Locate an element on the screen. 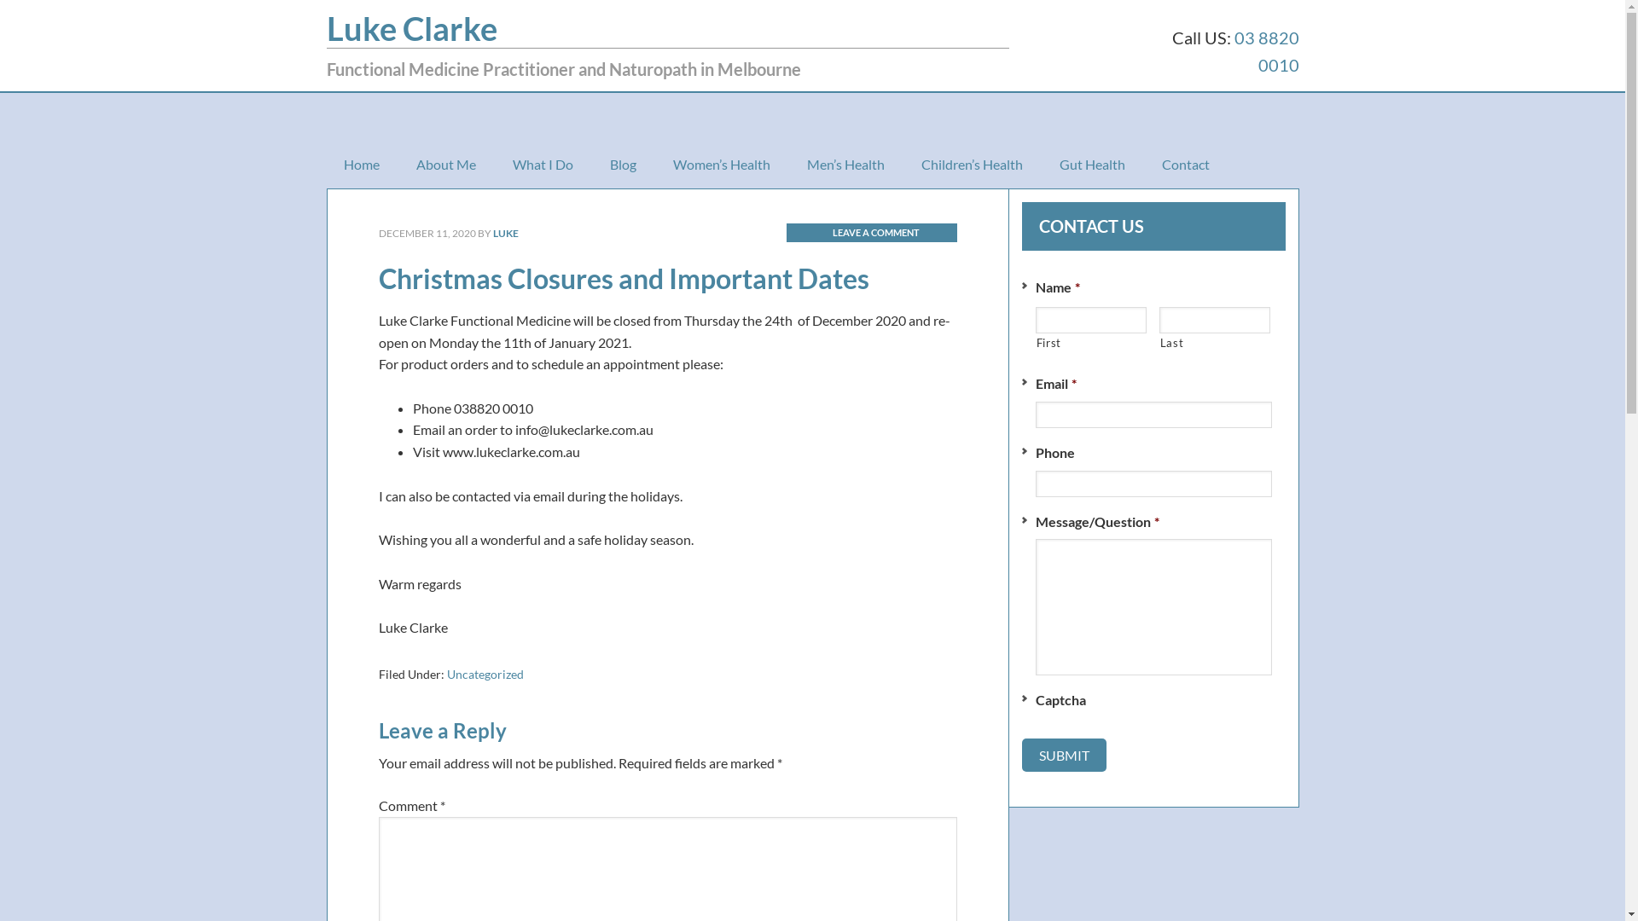 The width and height of the screenshot is (1638, 921). 'What I Do' is located at coordinates (541, 164).